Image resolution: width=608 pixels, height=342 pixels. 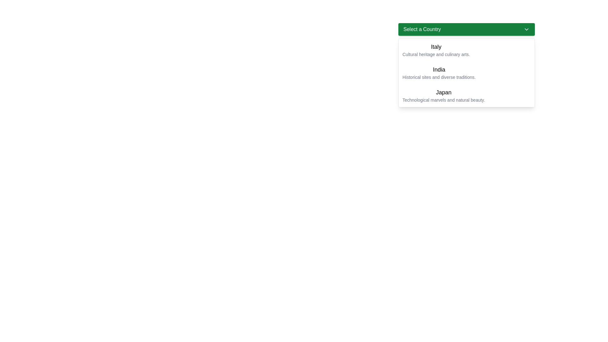 What do you see at coordinates (436, 50) in the screenshot?
I see `the dropdown list item for 'Italy' using keyboard input to select it as it is the first item under 'Select a Country'` at bounding box center [436, 50].